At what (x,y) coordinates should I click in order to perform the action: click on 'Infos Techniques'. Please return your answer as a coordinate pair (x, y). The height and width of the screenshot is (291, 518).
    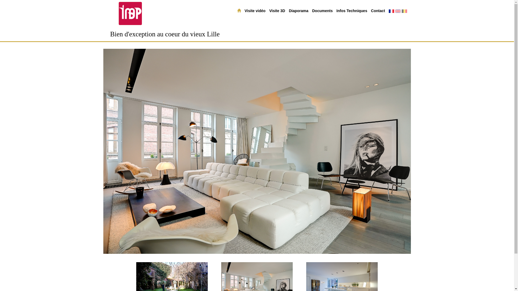
    Looking at the image, I should click on (352, 11).